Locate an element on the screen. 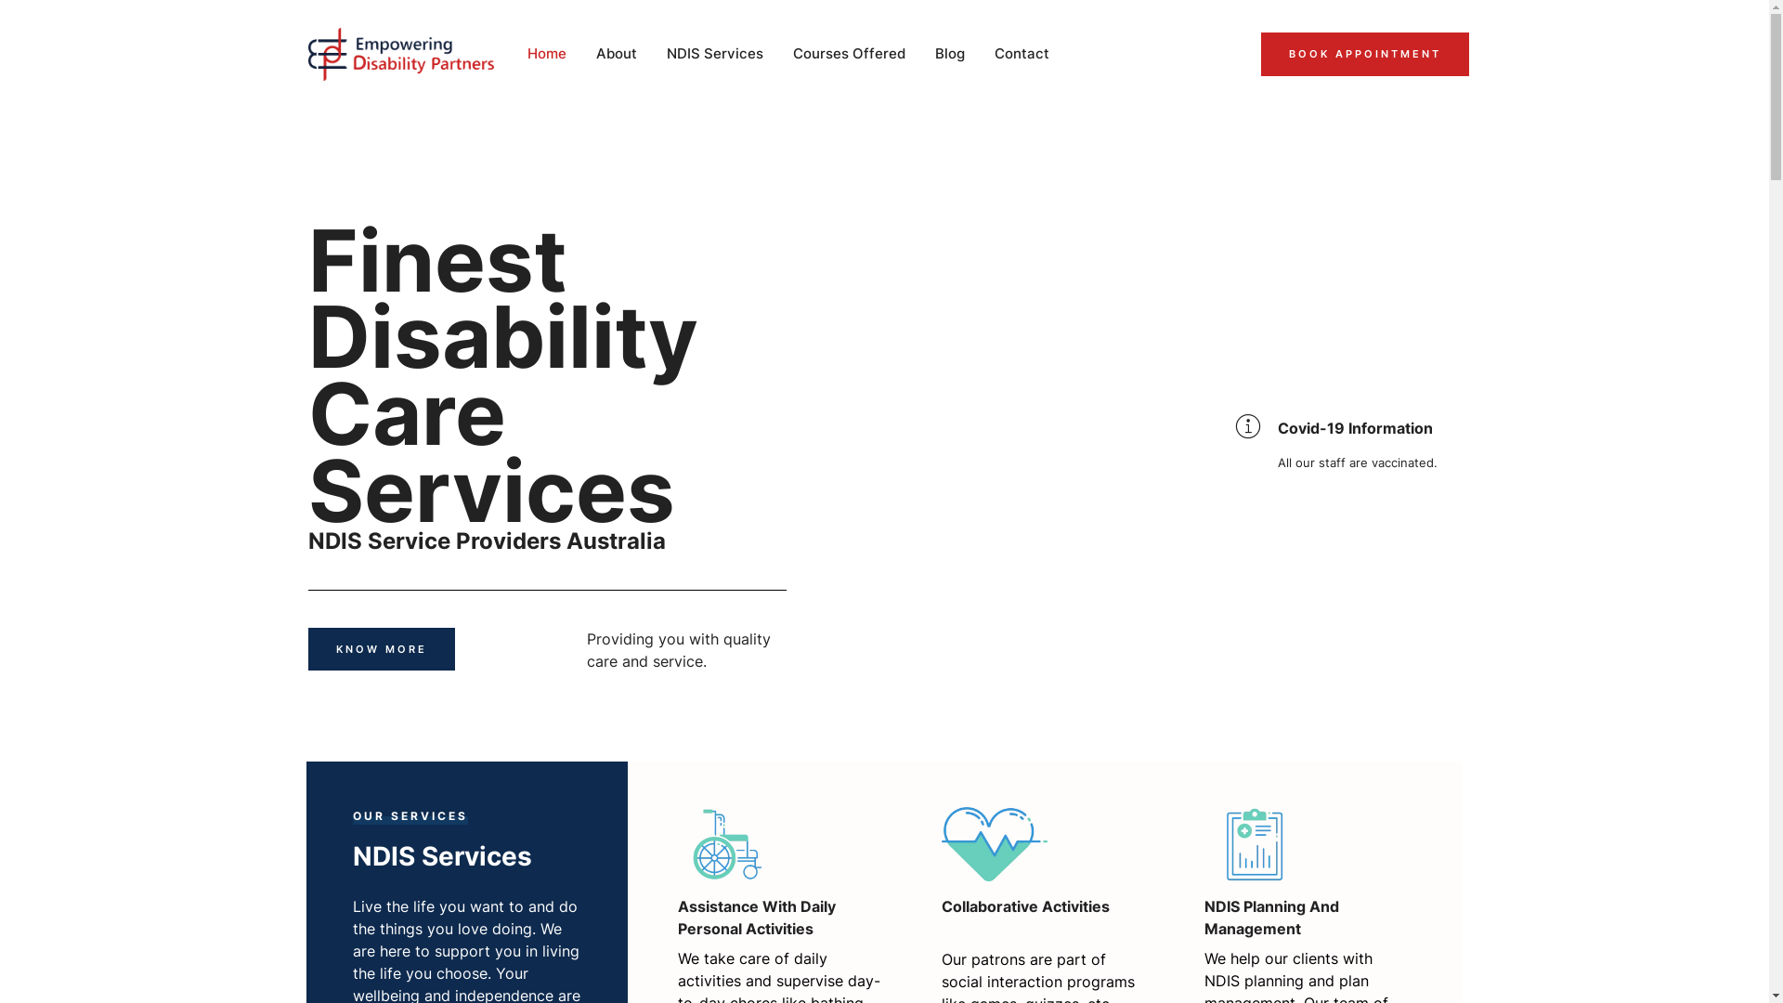 This screenshot has width=1783, height=1003. 'Assistance With Daily Personal Activities' is located at coordinates (757, 916).